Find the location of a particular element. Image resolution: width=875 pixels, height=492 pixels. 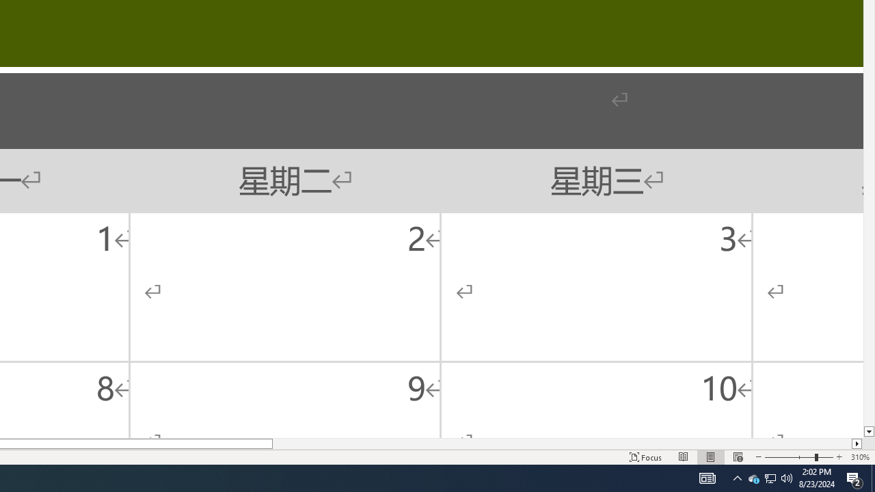

'Read Mode' is located at coordinates (684, 457).